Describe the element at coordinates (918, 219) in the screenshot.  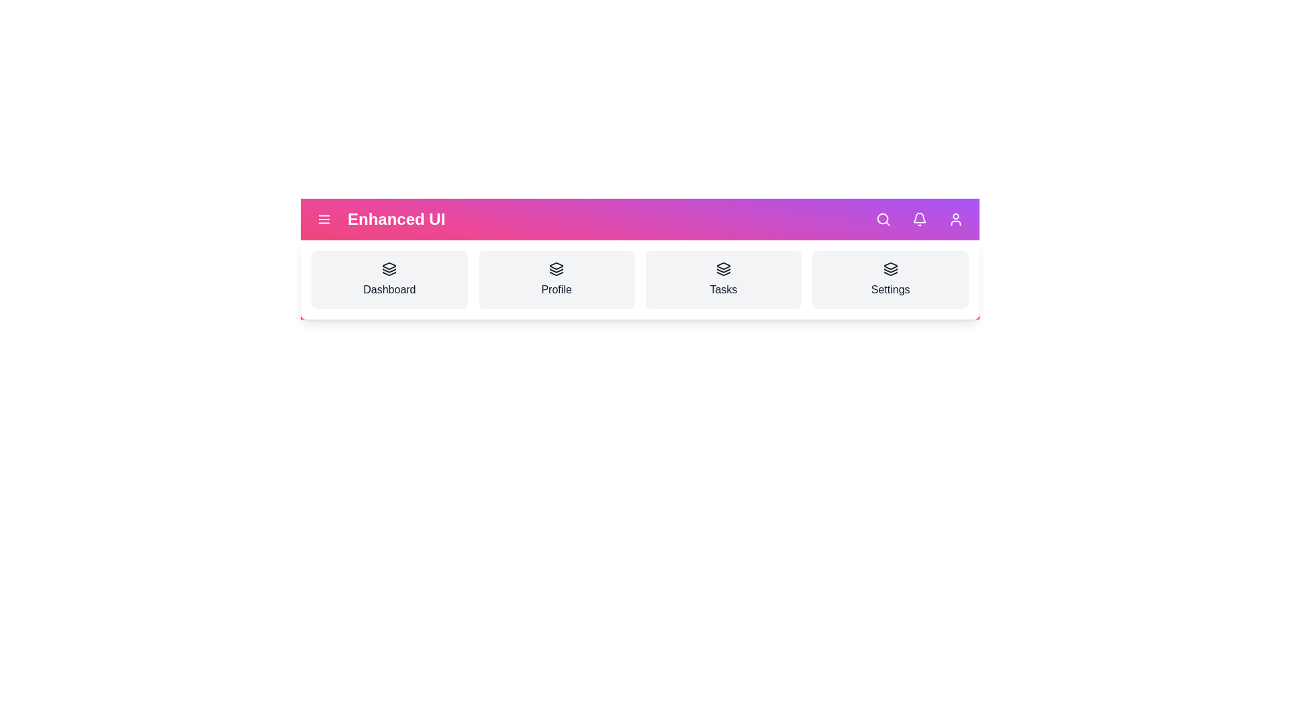
I see `notifications button` at that location.